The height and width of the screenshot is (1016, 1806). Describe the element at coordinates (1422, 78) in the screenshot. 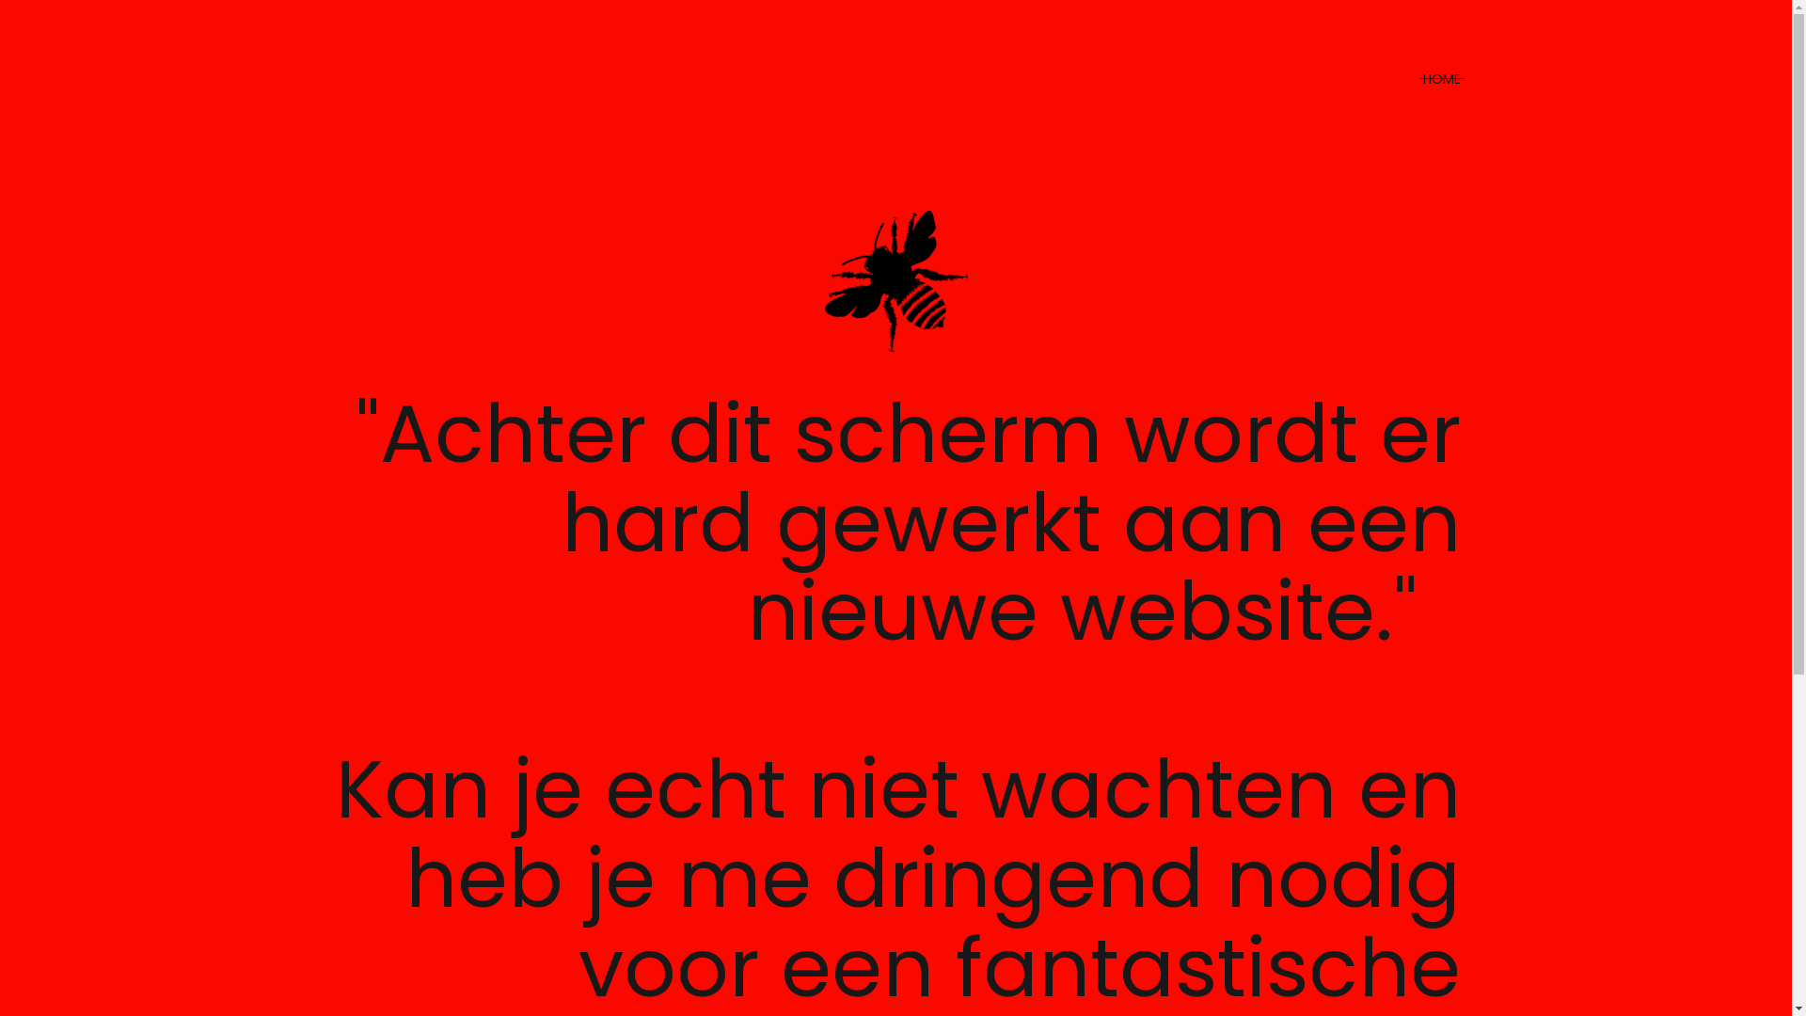

I see `'HOME'` at that location.